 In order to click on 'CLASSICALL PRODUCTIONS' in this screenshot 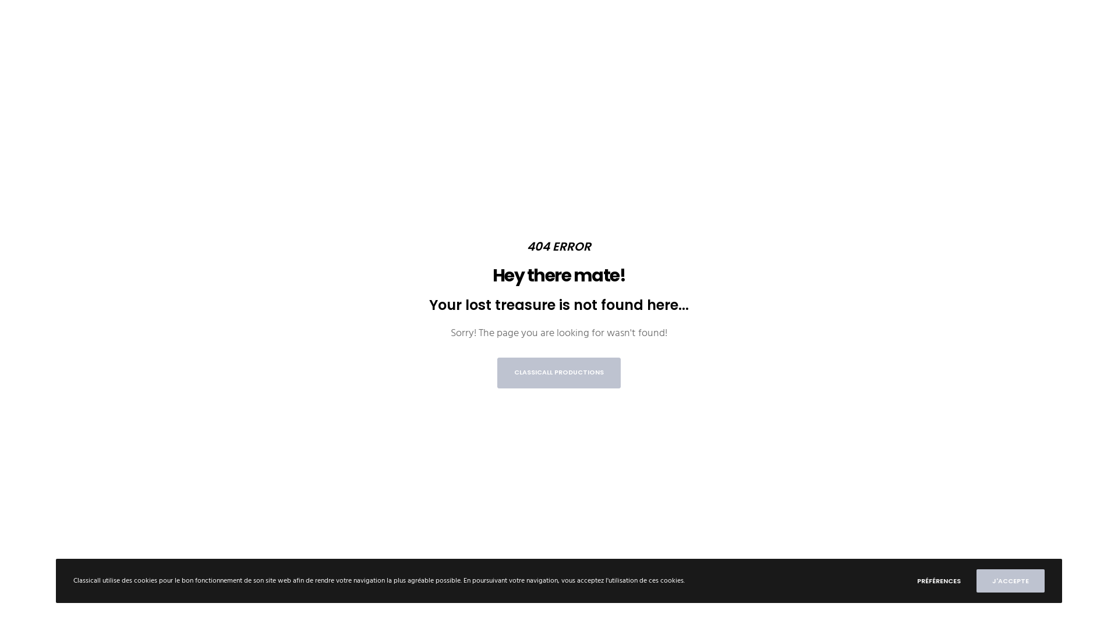, I will do `click(559, 372)`.